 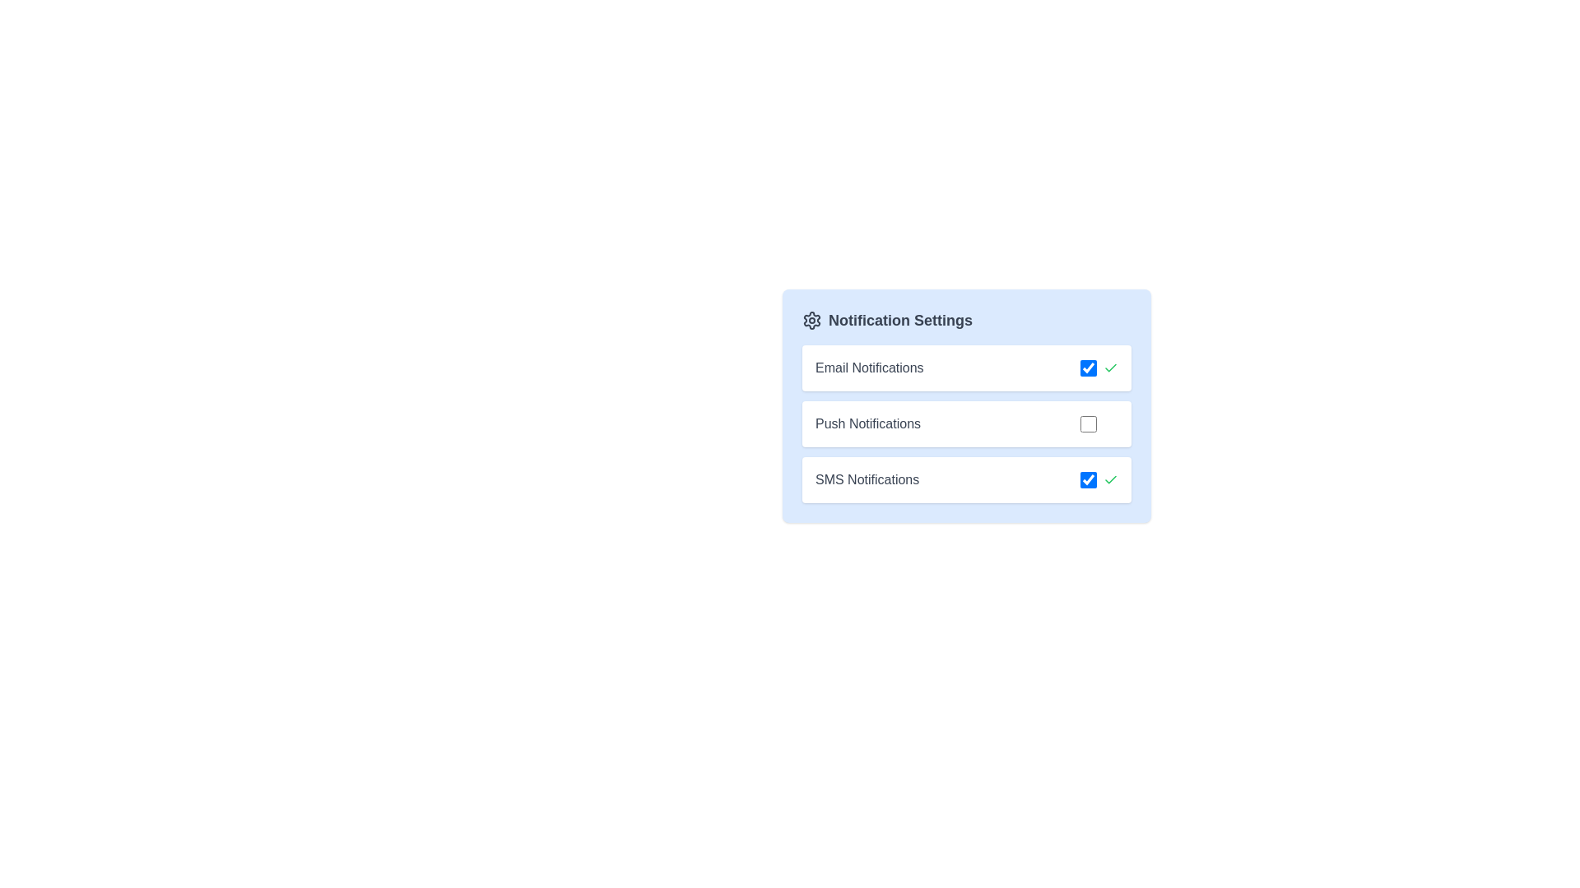 I want to click on gear-shaped icon located to the left of the 'Notification Settings' title for details, so click(x=812, y=320).